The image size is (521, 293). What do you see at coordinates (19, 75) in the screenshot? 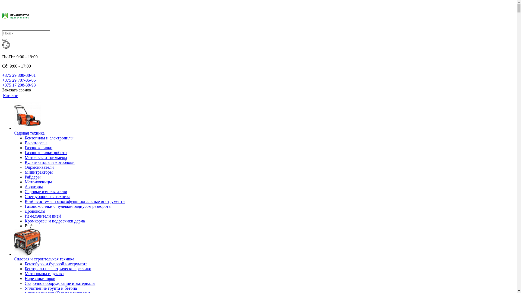
I see `'+375 29 388-88-01'` at bounding box center [19, 75].